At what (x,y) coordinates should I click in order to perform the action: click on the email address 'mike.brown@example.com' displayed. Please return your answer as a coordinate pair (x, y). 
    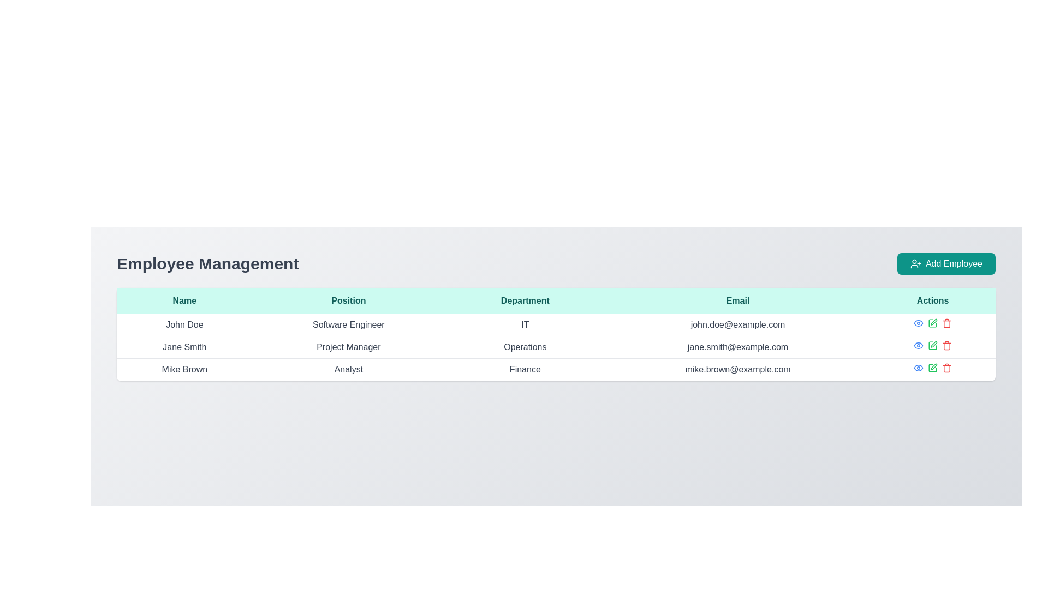
    Looking at the image, I should click on (738, 369).